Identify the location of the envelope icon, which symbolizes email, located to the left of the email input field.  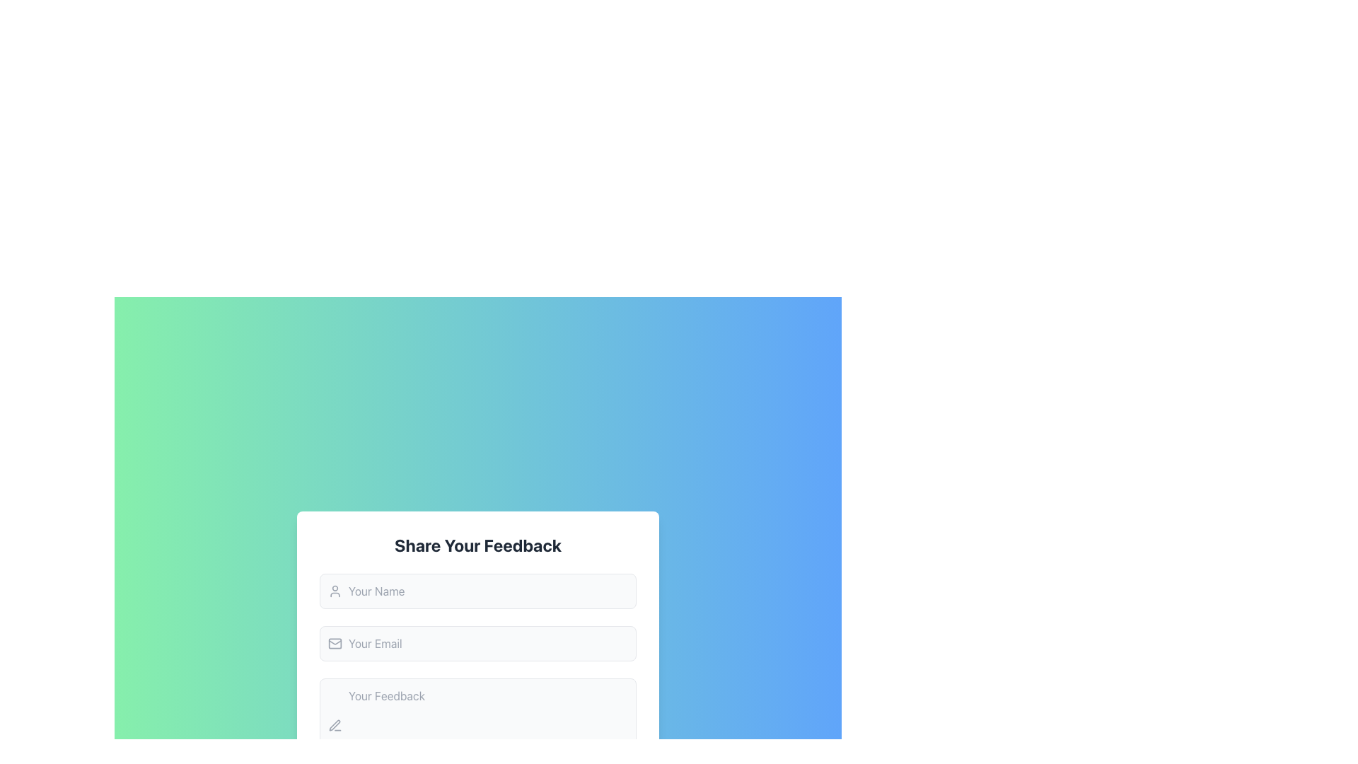
(335, 644).